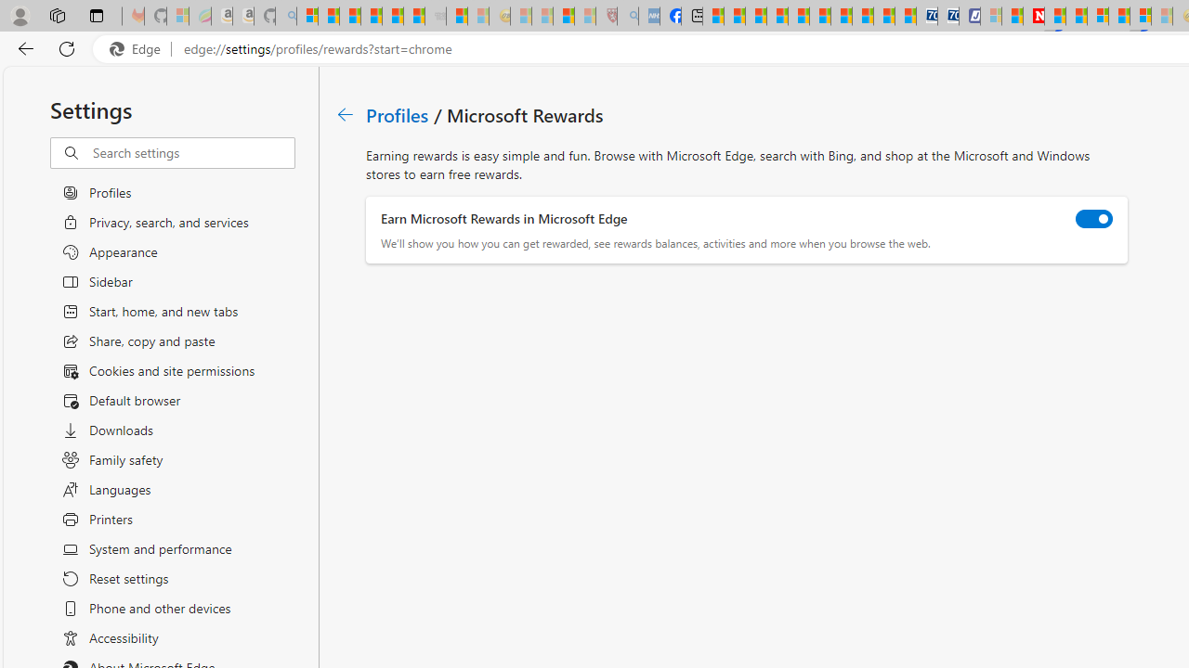  I want to click on 'Edge', so click(138, 48).